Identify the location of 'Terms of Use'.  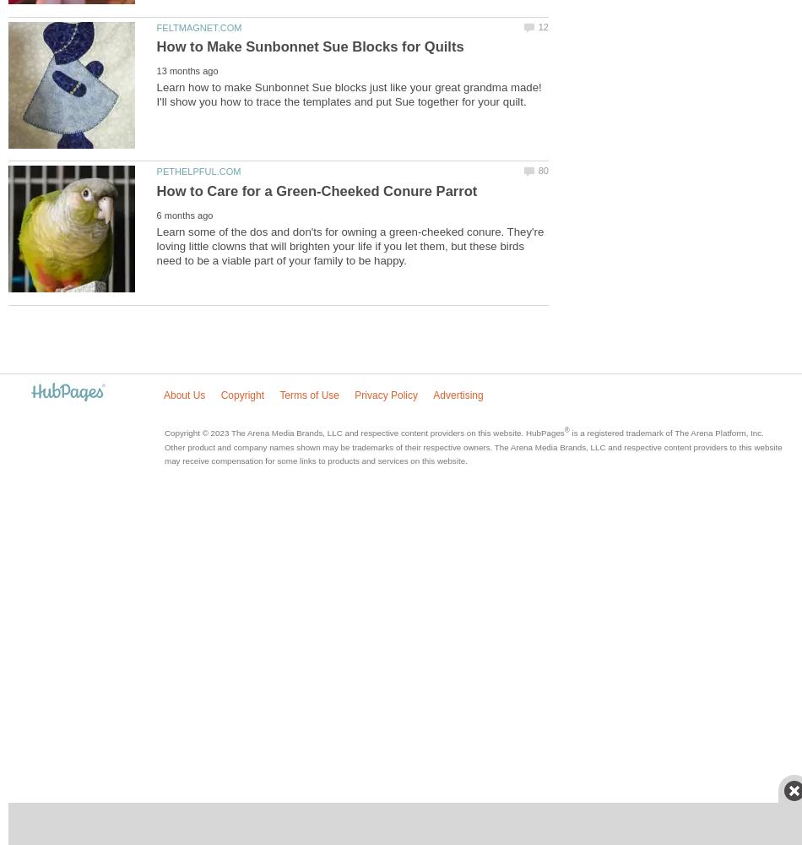
(278, 394).